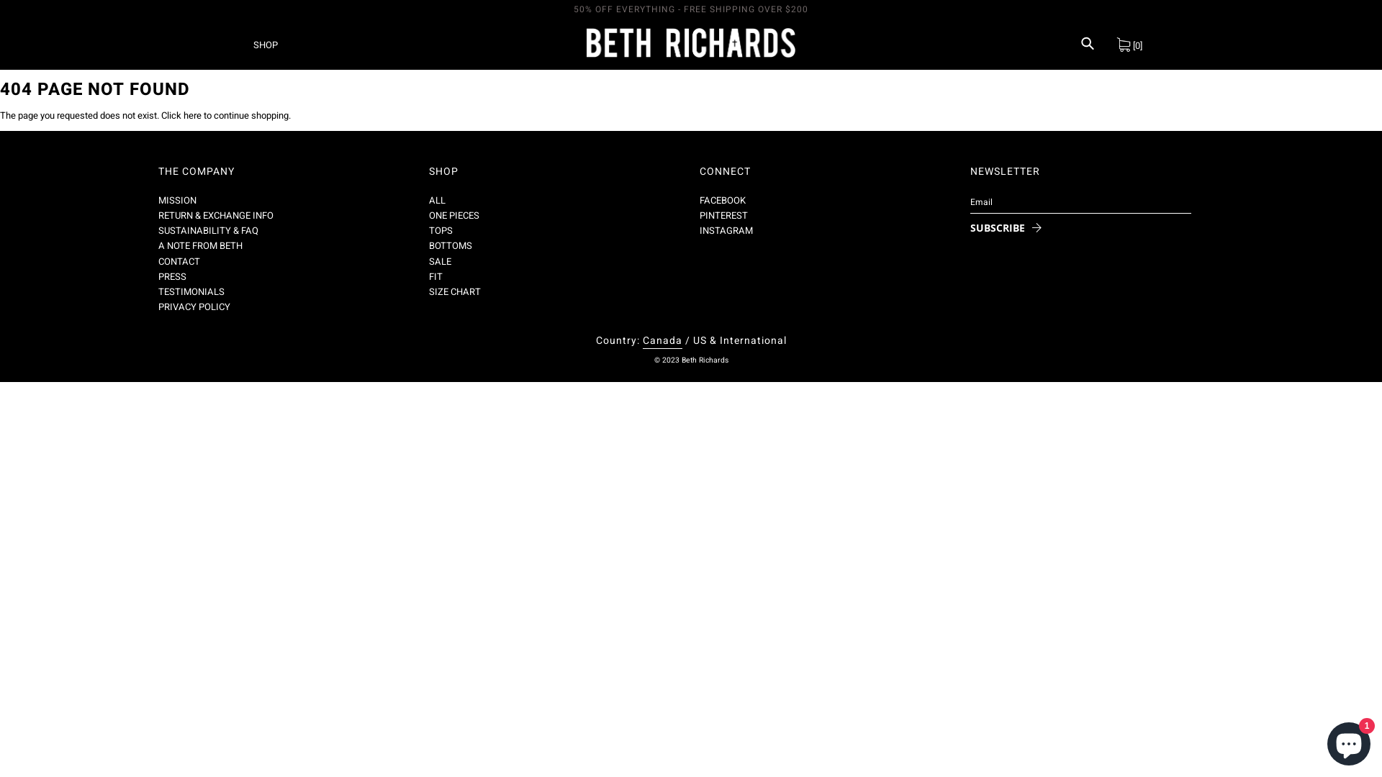 Image resolution: width=1382 pixels, height=777 pixels. What do you see at coordinates (176, 200) in the screenshot?
I see `'MISSION'` at bounding box center [176, 200].